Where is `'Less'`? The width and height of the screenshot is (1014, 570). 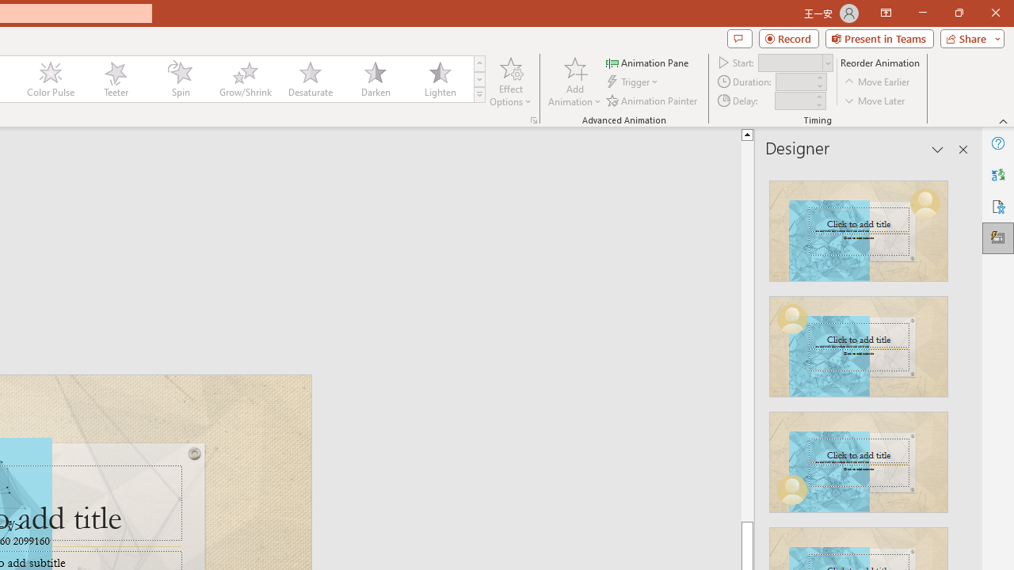
'Less' is located at coordinates (818, 104).